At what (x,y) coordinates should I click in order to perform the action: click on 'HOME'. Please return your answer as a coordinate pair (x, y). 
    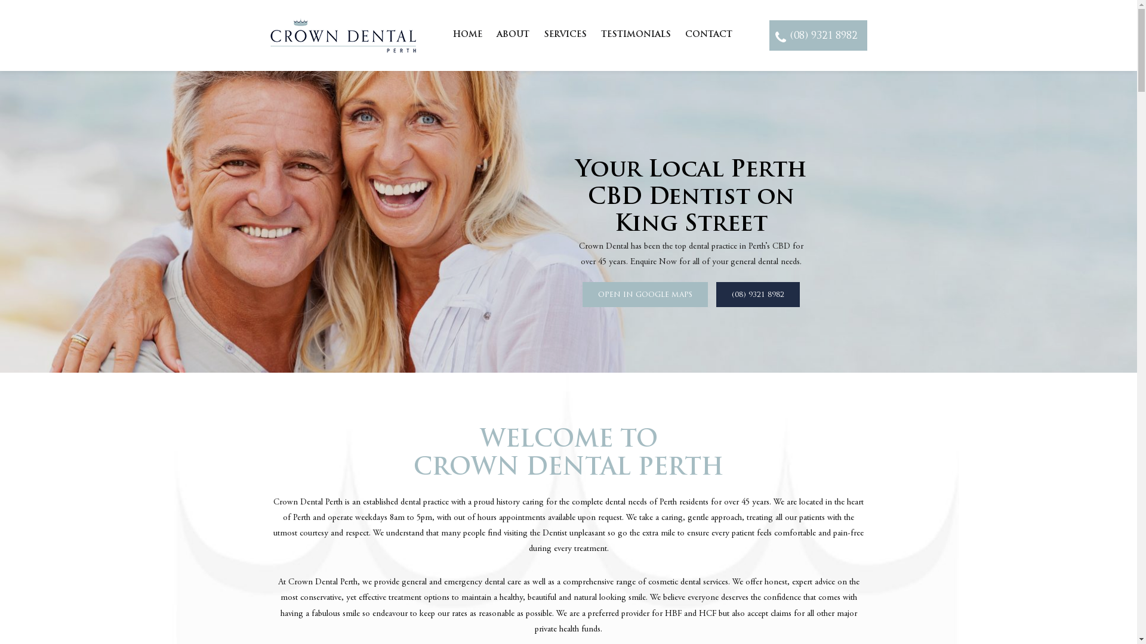
    Looking at the image, I should click on (467, 34).